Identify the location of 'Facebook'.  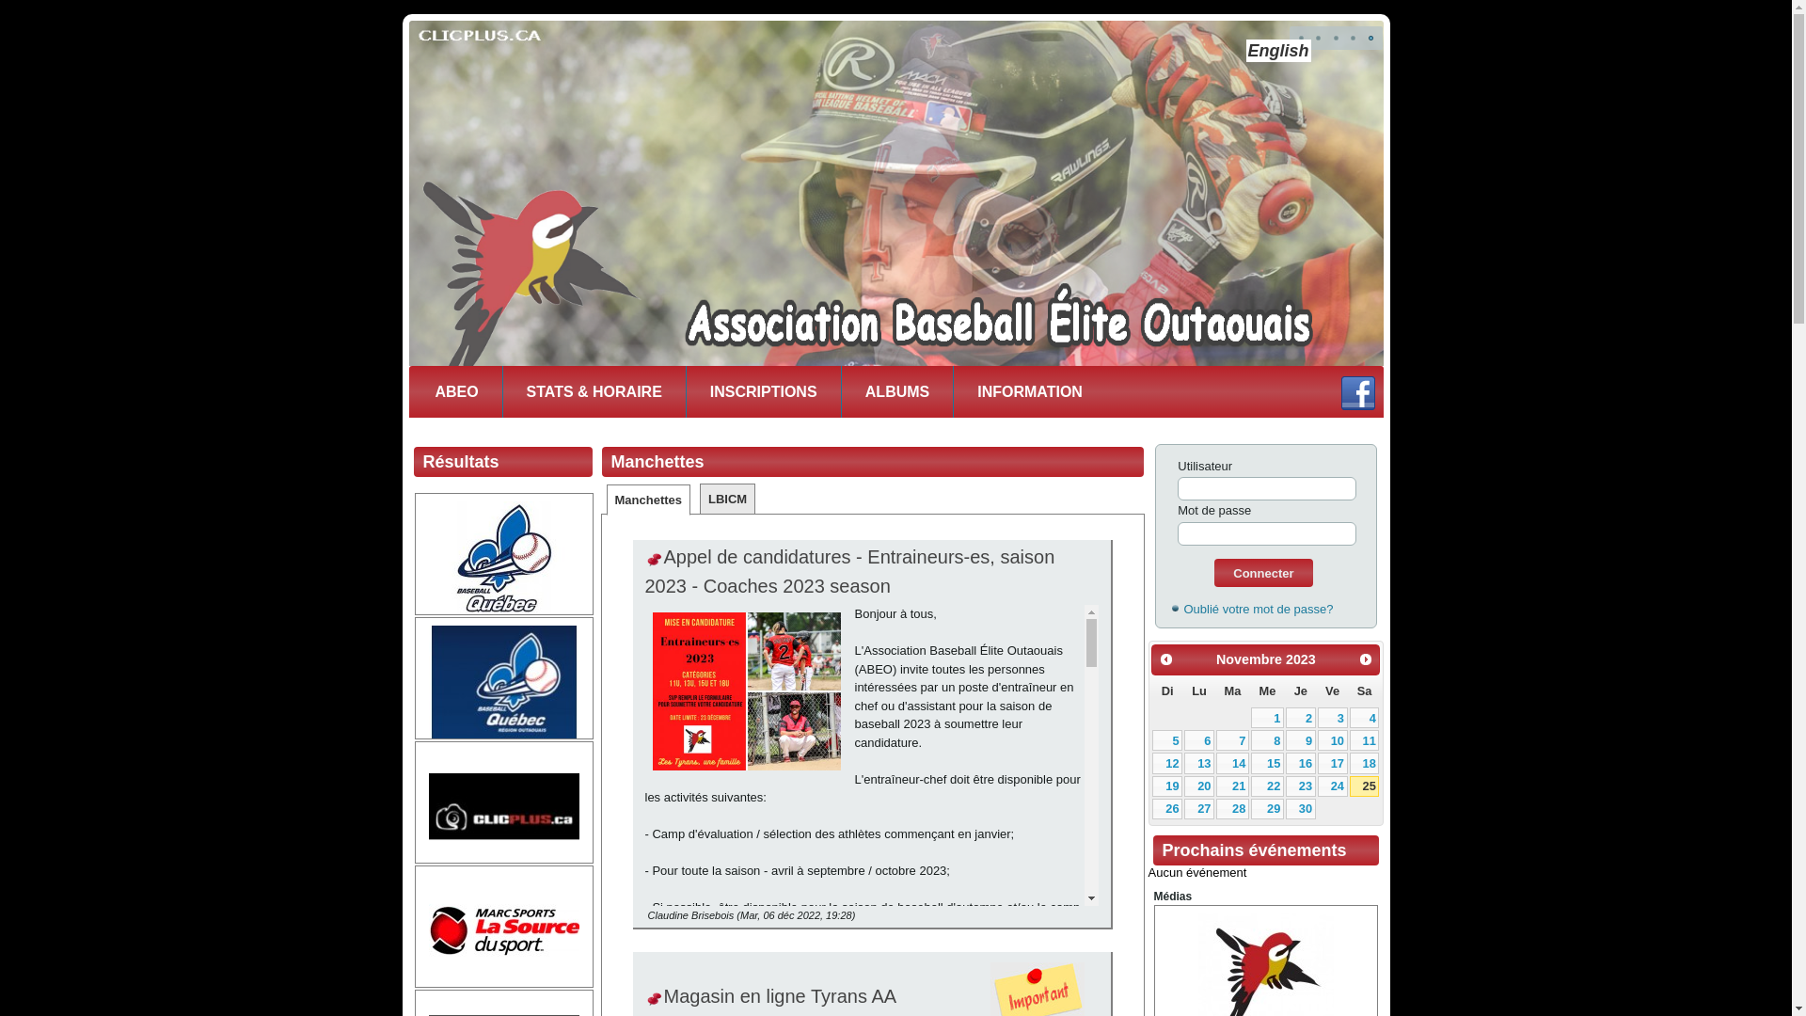
(1358, 391).